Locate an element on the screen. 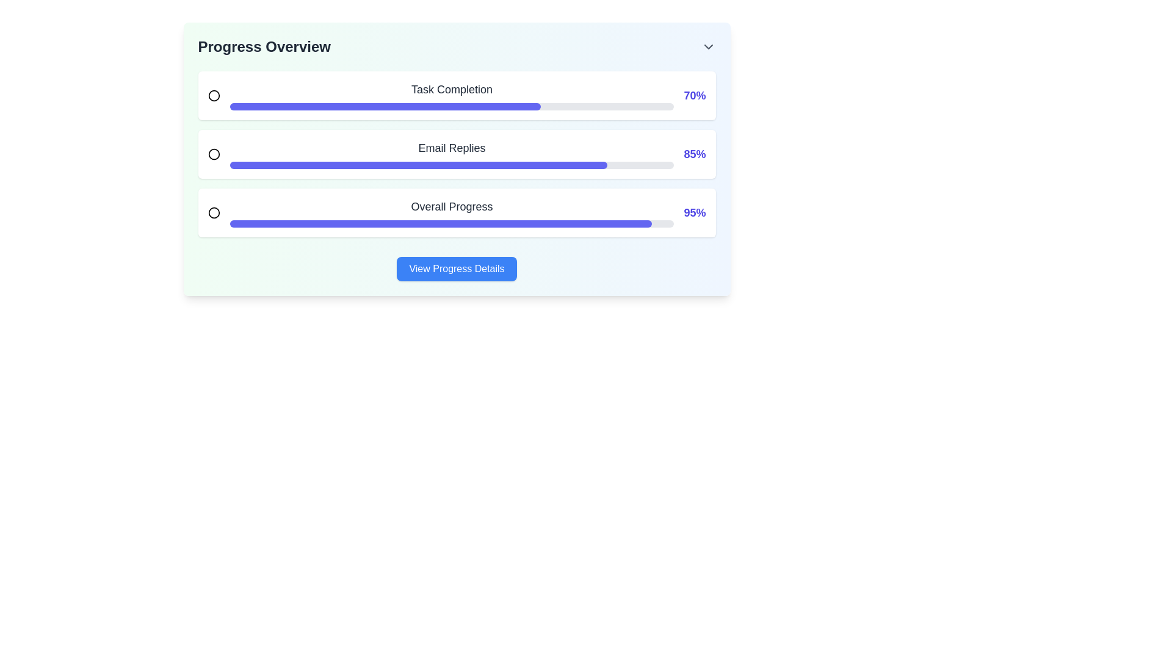 This screenshot has width=1172, height=659. percentage displayed on the text label showing '70%' in bold indigo blue, positioned at the right edge of the 'Task Completion' progress card is located at coordinates (695, 95).